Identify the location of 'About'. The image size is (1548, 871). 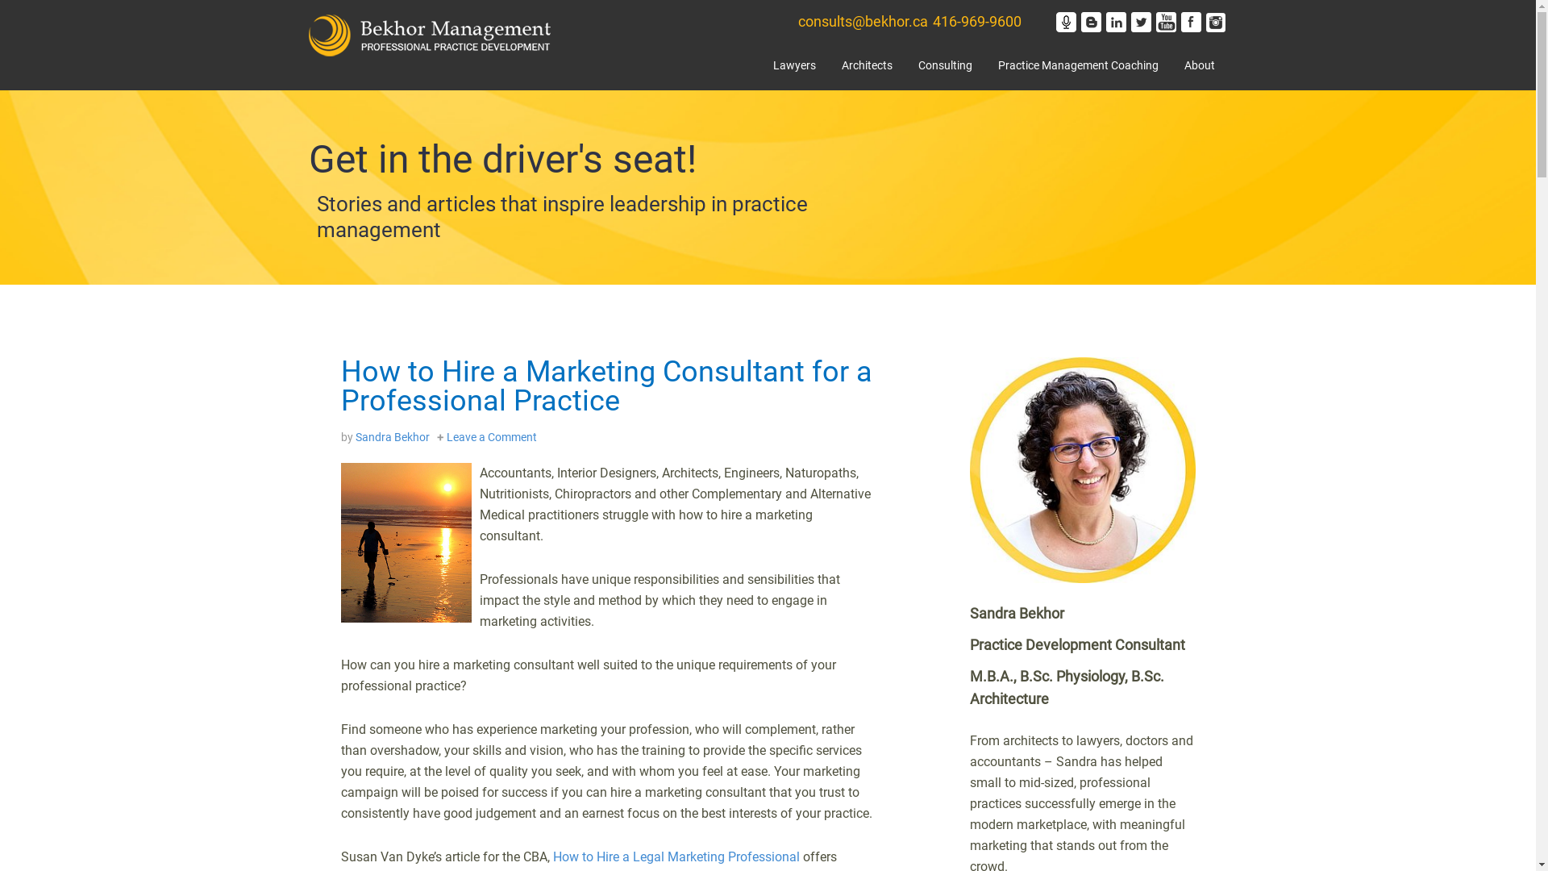
(1170, 68).